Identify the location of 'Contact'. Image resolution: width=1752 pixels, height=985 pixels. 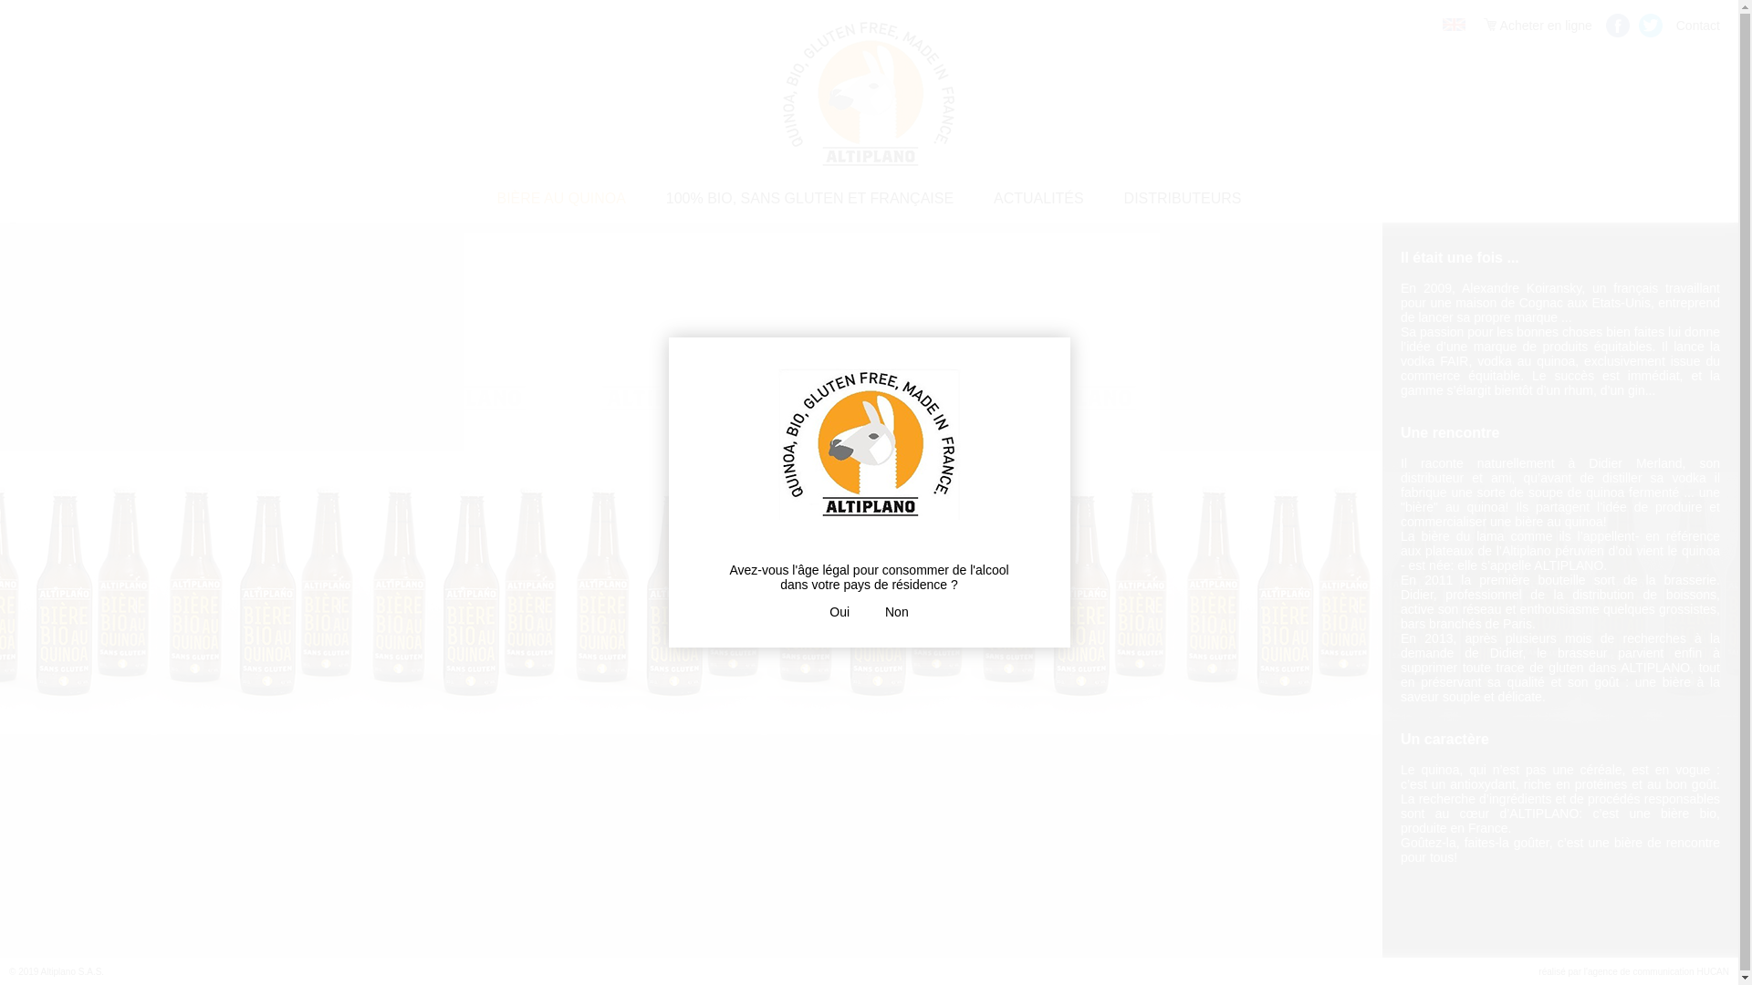
(1697, 25).